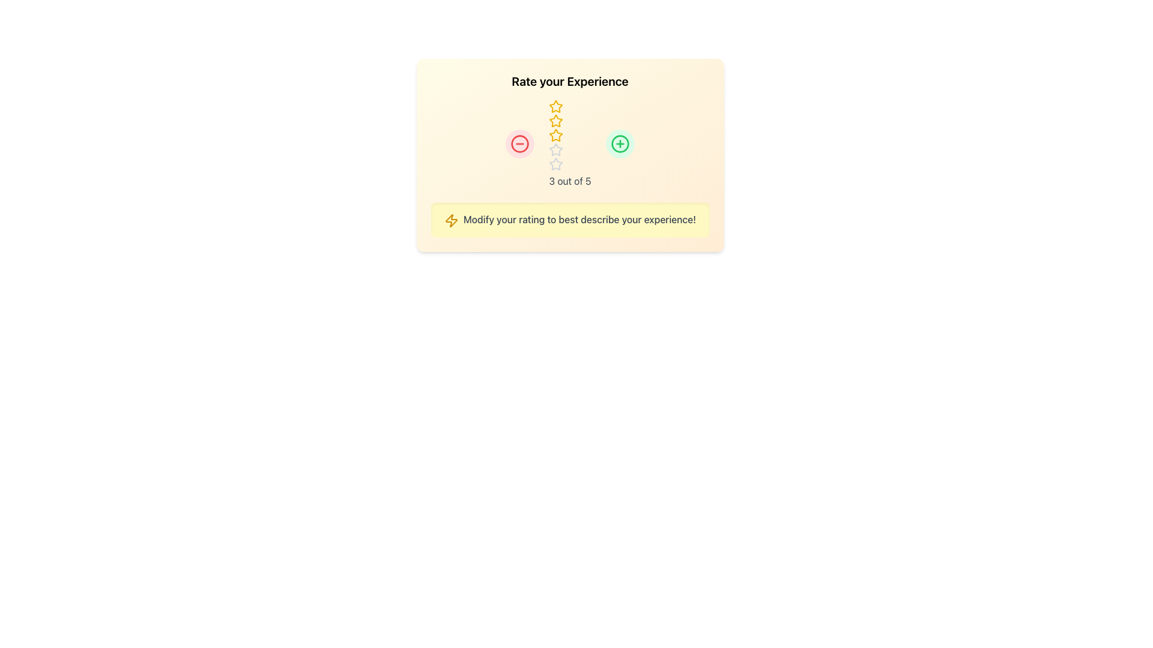 The image size is (1153, 648). Describe the element at coordinates (555, 106) in the screenshot. I see `the third yellow star icon in the rating system` at that location.